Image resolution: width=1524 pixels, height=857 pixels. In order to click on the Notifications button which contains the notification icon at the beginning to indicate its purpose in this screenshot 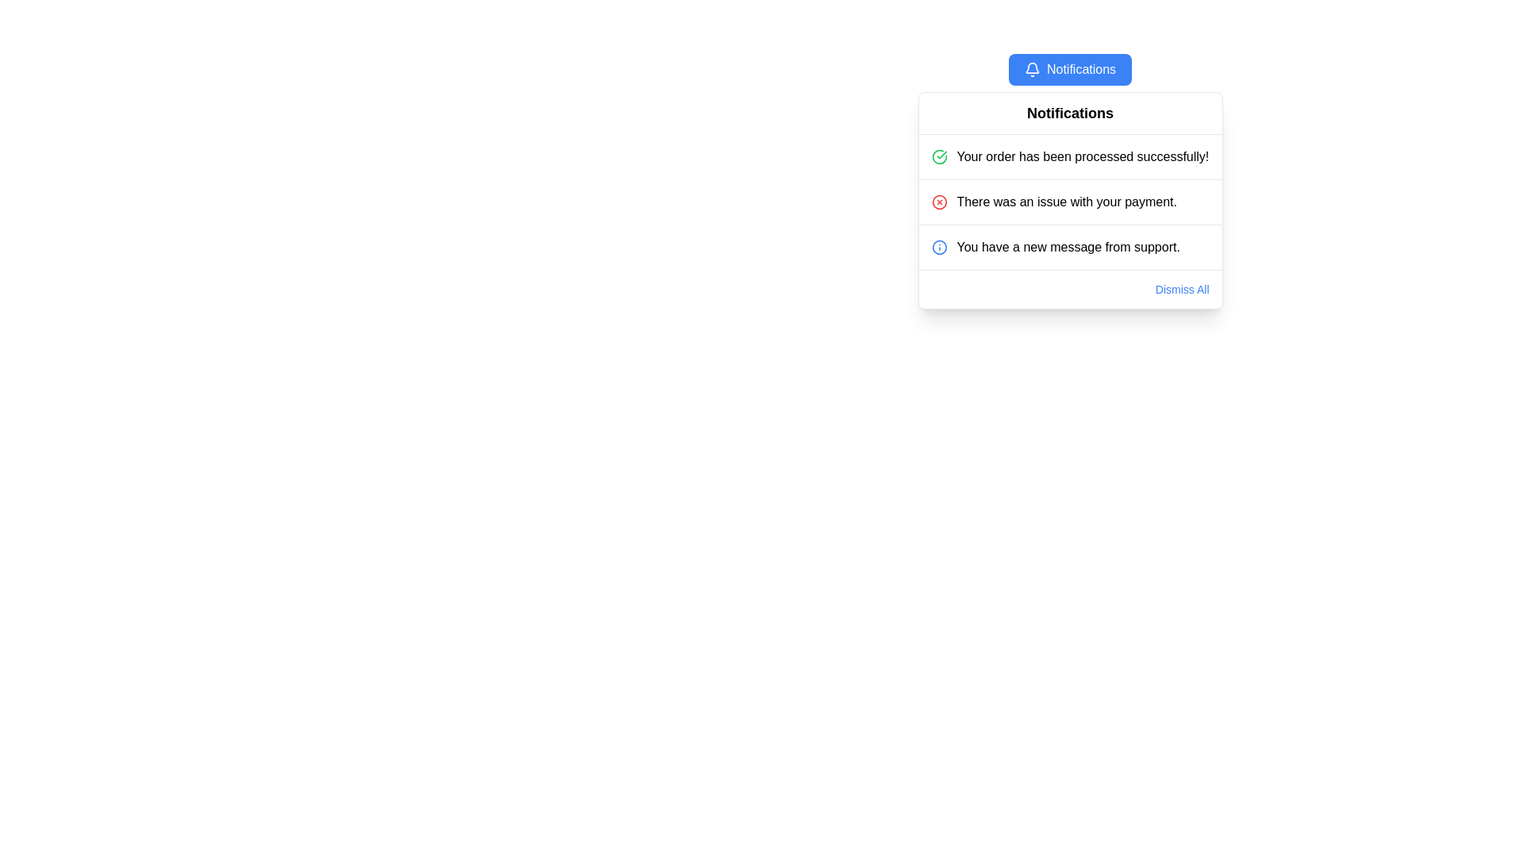, I will do `click(1032, 69)`.